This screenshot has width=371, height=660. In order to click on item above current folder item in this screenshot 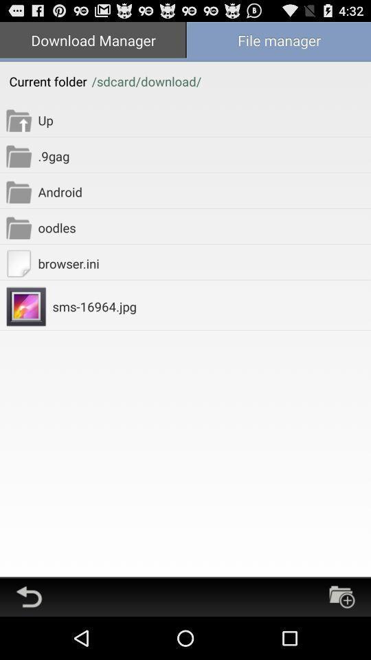, I will do `click(93, 41)`.